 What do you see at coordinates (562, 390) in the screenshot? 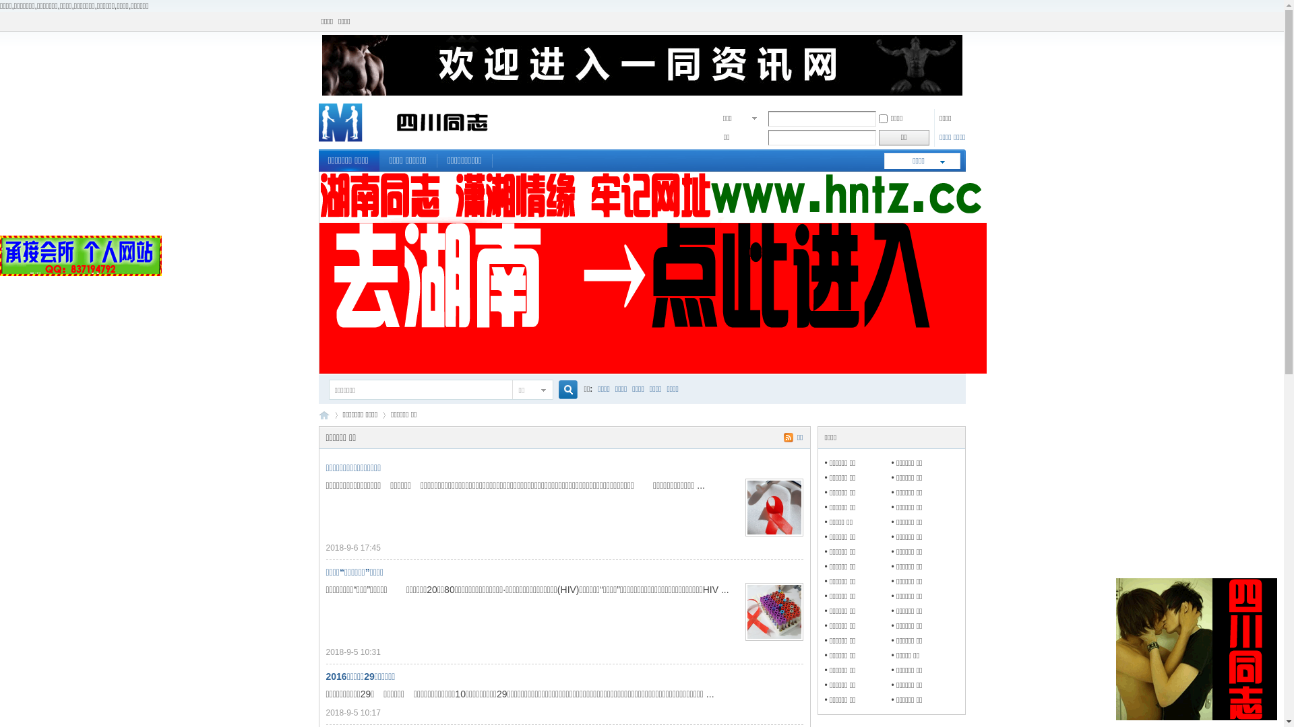
I see `'true'` at bounding box center [562, 390].